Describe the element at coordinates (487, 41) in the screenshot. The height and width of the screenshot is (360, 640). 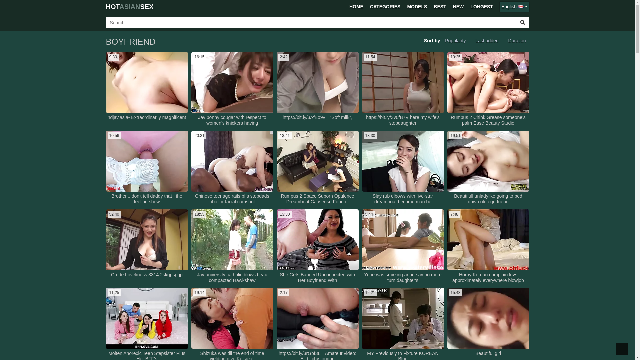
I see `'Last added'` at that location.